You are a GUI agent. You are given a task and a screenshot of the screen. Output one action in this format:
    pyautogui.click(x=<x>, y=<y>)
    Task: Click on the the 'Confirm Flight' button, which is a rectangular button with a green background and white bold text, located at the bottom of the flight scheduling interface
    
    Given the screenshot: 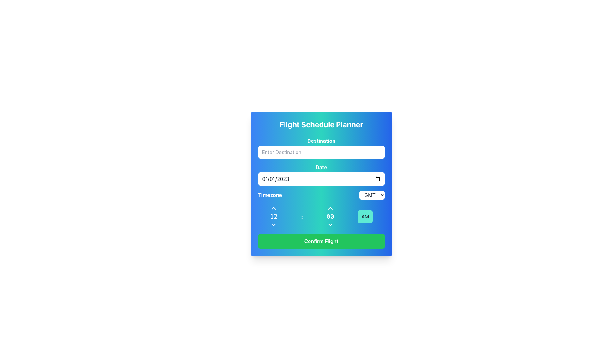 What is the action you would take?
    pyautogui.click(x=321, y=241)
    